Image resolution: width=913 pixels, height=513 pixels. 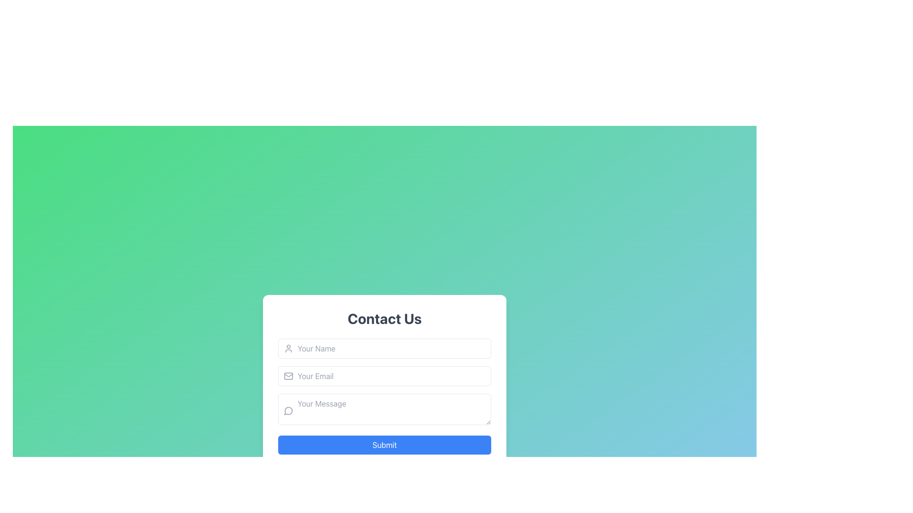 What do you see at coordinates (288, 410) in the screenshot?
I see `the decorative or functional icon located inside the 'Your Message' input field, adjacent to the input placeholder text` at bounding box center [288, 410].